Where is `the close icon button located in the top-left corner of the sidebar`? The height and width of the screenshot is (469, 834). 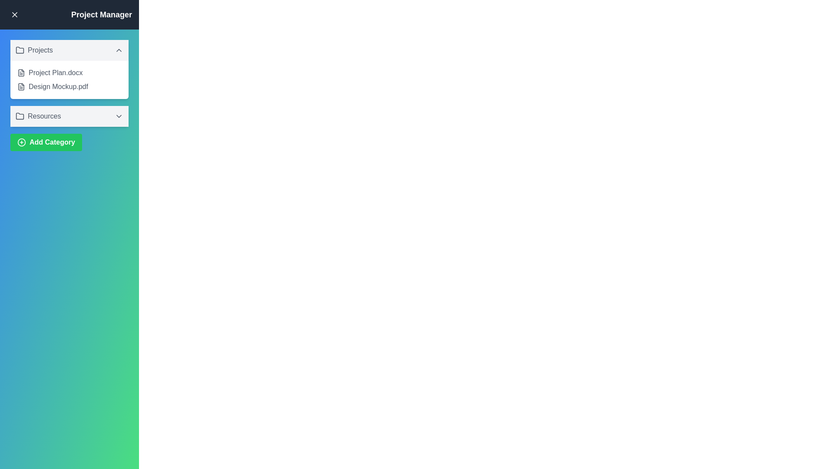
the close icon button located in the top-left corner of the sidebar is located at coordinates (14, 15).